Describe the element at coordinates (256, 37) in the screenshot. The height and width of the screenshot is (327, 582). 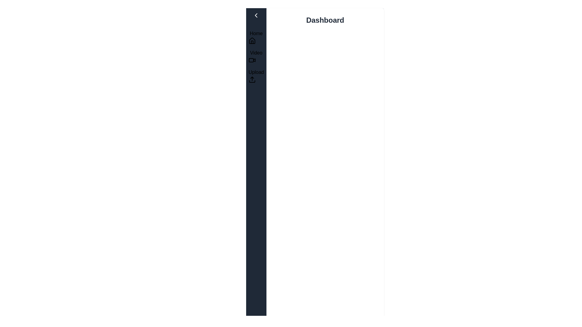
I see `the 'Home' navigational button located at the top of the vertical menu bar` at that location.